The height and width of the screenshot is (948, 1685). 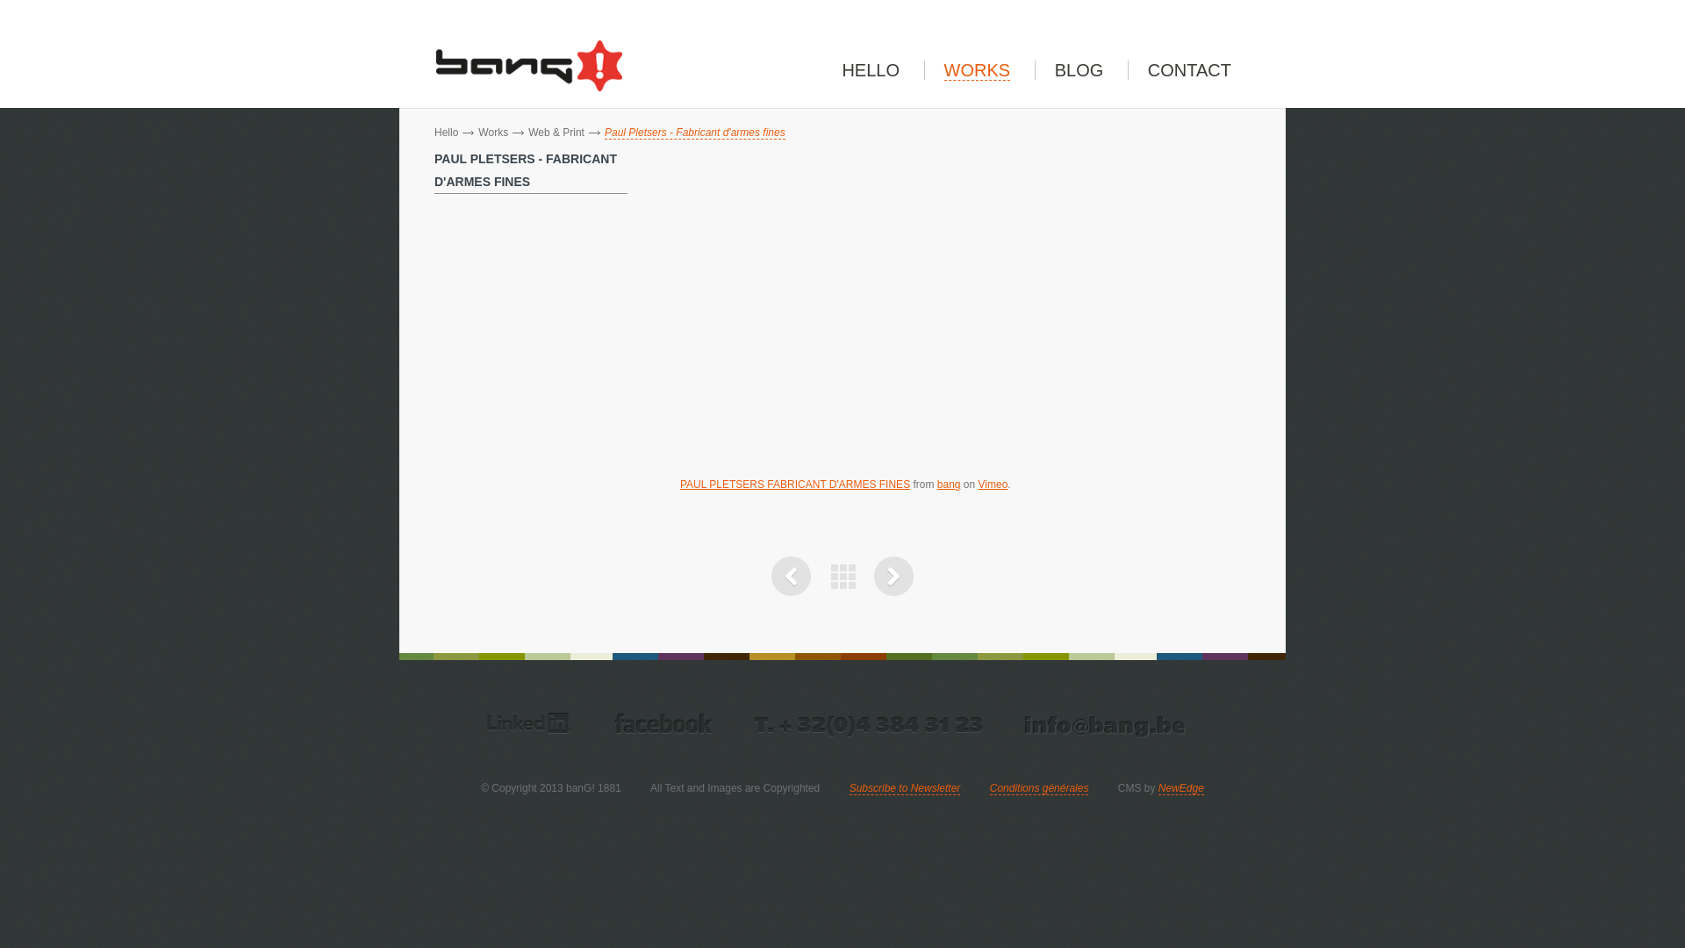 I want to click on 'Web & Print', so click(x=527, y=131).